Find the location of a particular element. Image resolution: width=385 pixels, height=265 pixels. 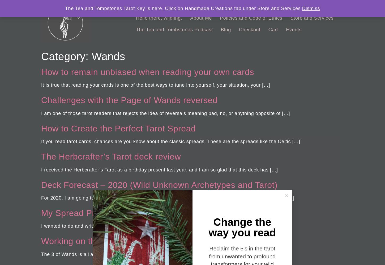

'The 3 of Wands is all about stepping into your present to forge your future. This means that you need […]' is located at coordinates (160, 254).